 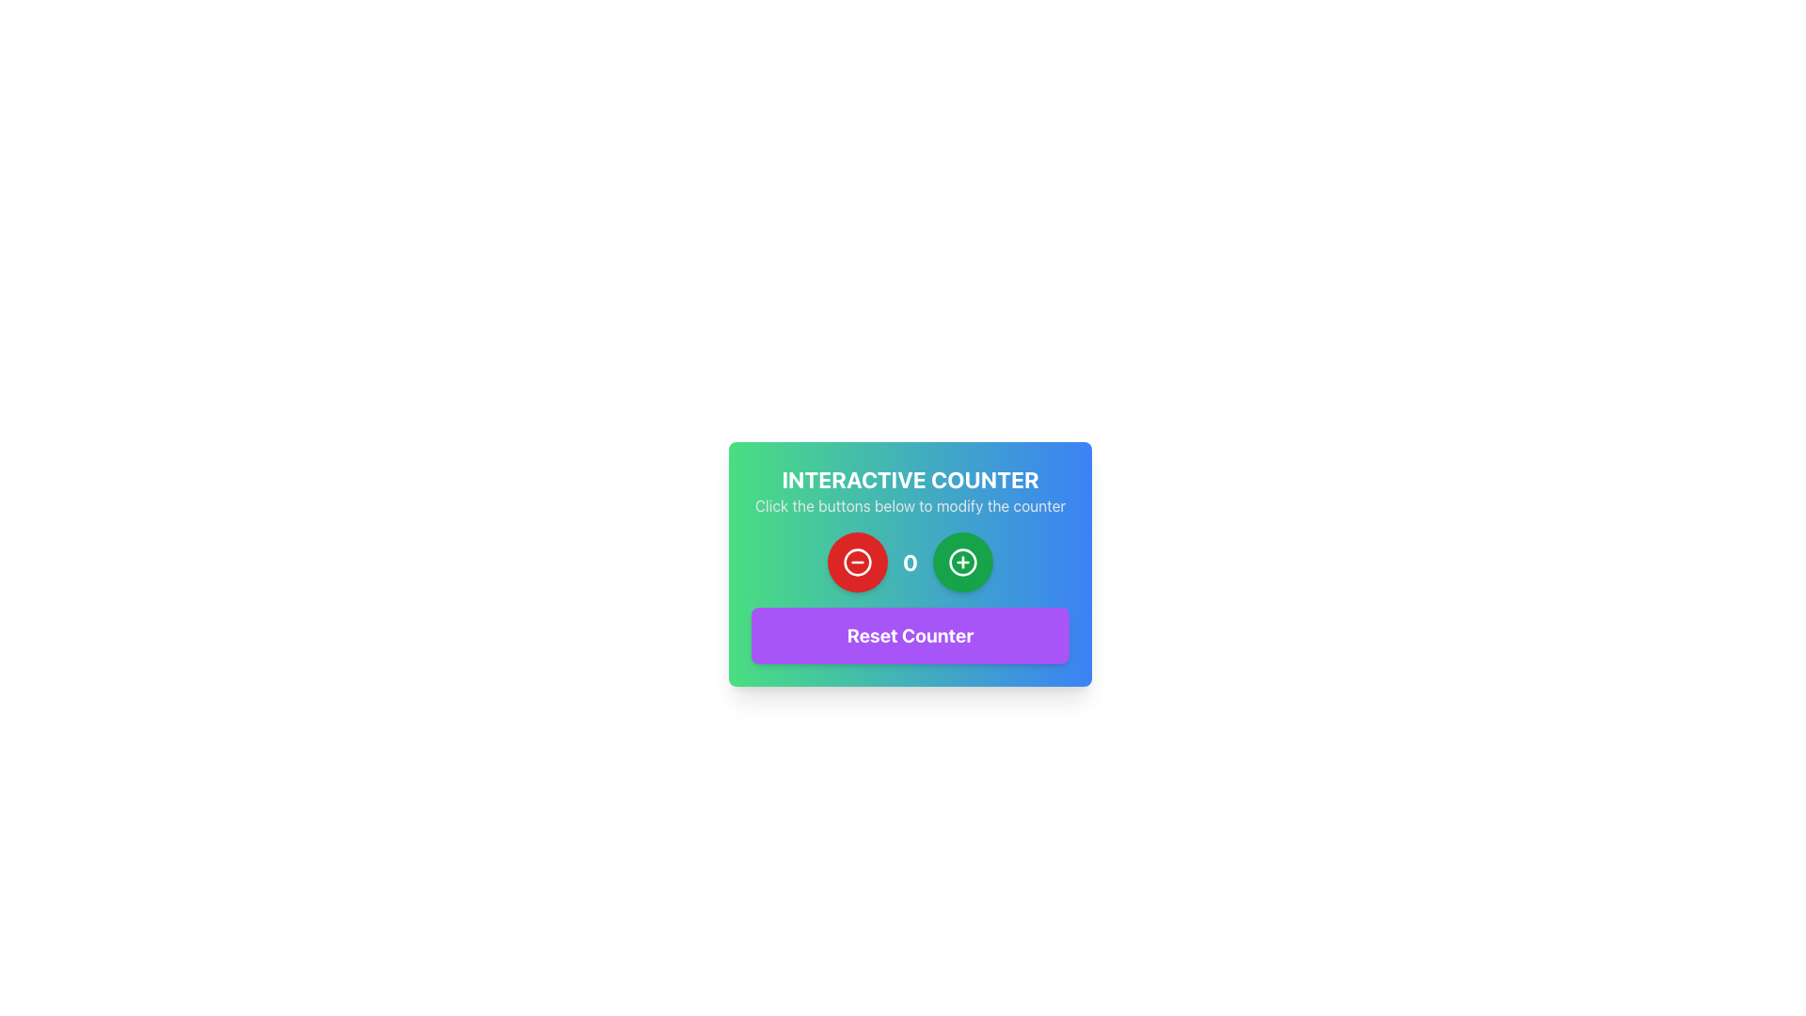 What do you see at coordinates (857, 561) in the screenshot?
I see `the circular red button with a minus sign icon to trigger hover effects` at bounding box center [857, 561].